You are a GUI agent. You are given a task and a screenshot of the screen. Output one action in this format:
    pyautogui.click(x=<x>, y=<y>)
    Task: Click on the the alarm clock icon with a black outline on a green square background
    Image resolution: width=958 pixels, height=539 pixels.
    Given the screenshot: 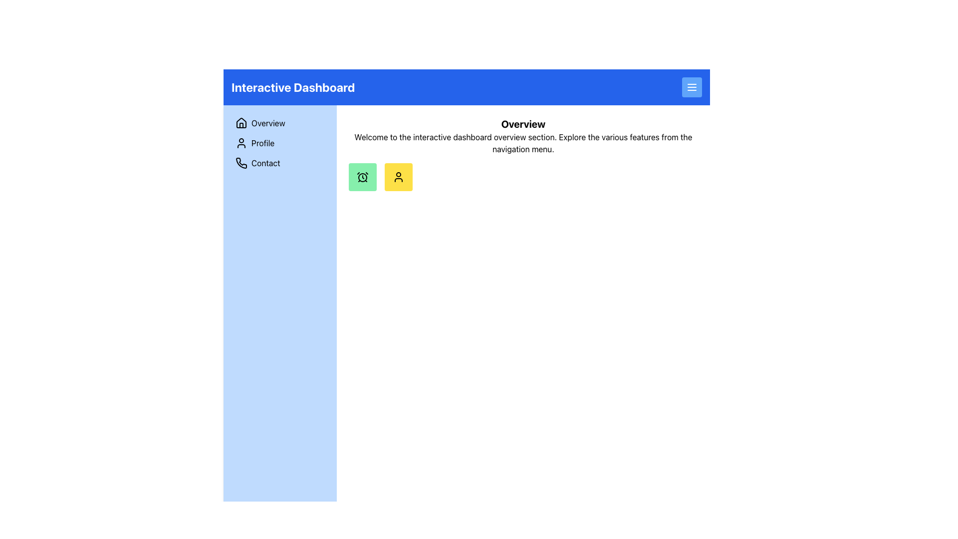 What is the action you would take?
    pyautogui.click(x=362, y=176)
    